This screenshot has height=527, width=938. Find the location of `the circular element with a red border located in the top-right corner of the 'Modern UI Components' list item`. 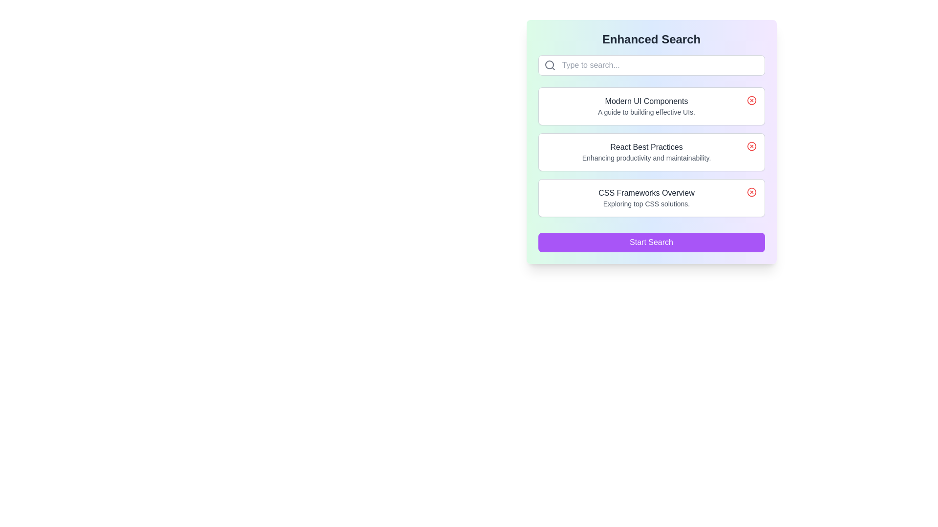

the circular element with a red border located in the top-right corner of the 'Modern UI Components' list item is located at coordinates (751, 100).